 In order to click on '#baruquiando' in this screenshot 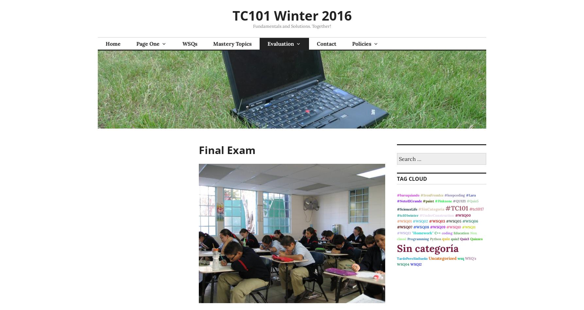, I will do `click(408, 195)`.